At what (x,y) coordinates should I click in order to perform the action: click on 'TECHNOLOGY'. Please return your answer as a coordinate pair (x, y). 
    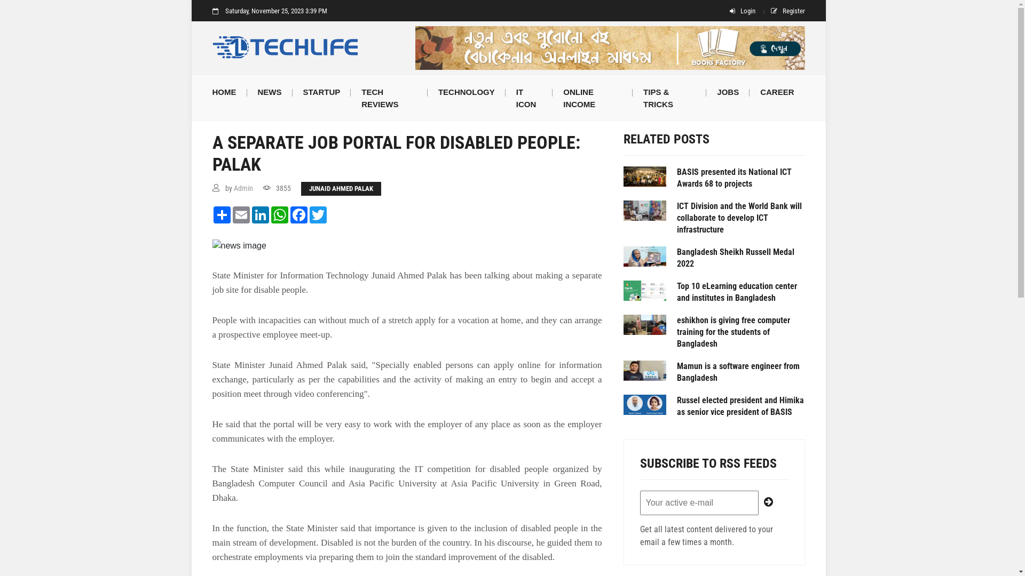
    Looking at the image, I should click on (466, 91).